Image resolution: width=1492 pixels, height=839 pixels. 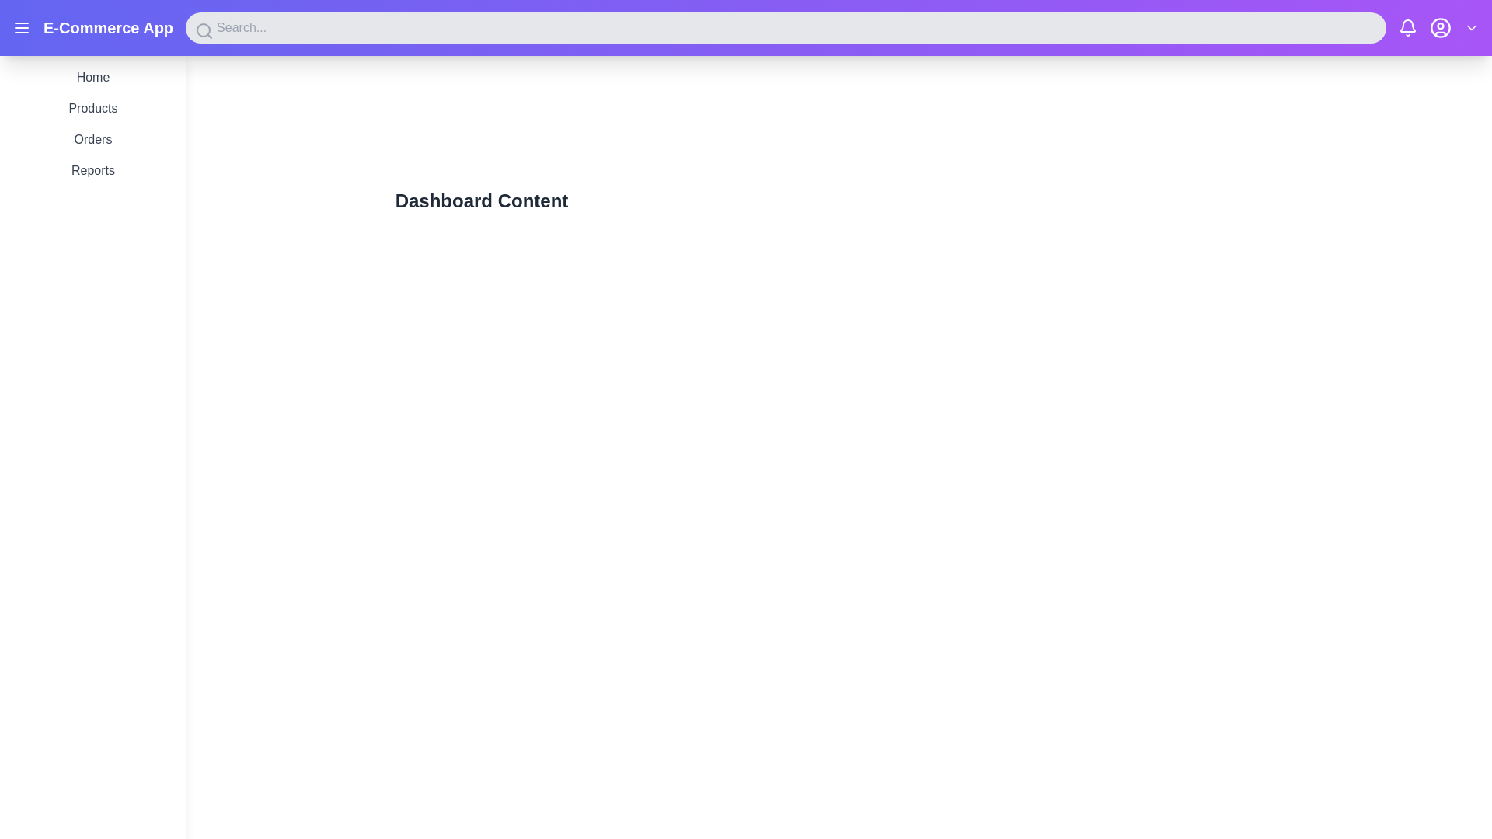 What do you see at coordinates (1471, 27) in the screenshot?
I see `the Chevron-Down icon located in the upper navigation bar` at bounding box center [1471, 27].